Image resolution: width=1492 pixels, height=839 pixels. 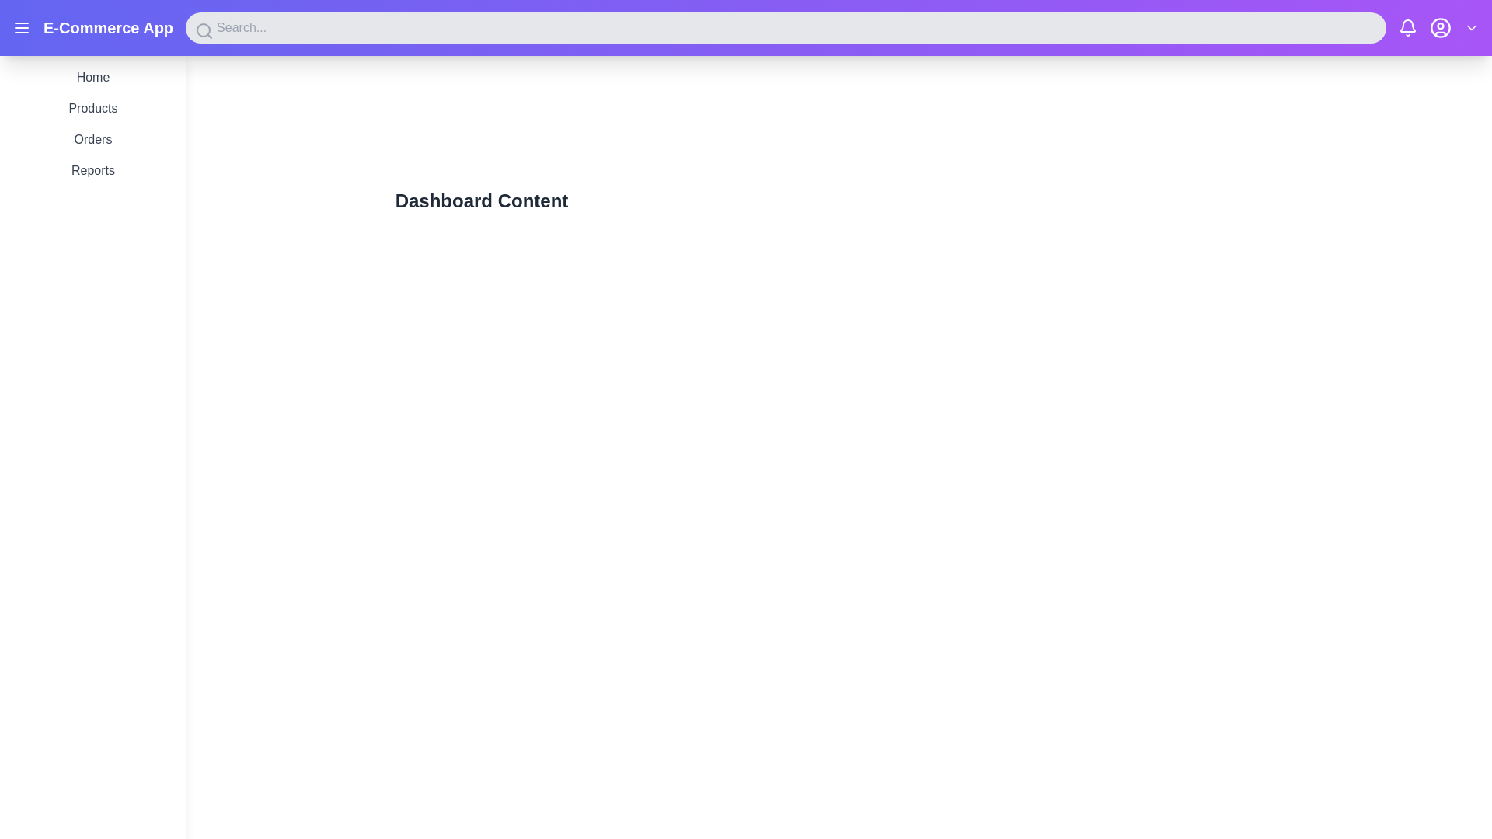 What do you see at coordinates (1471, 27) in the screenshot?
I see `the Chevron-Down icon located in the upper navigation bar` at bounding box center [1471, 27].